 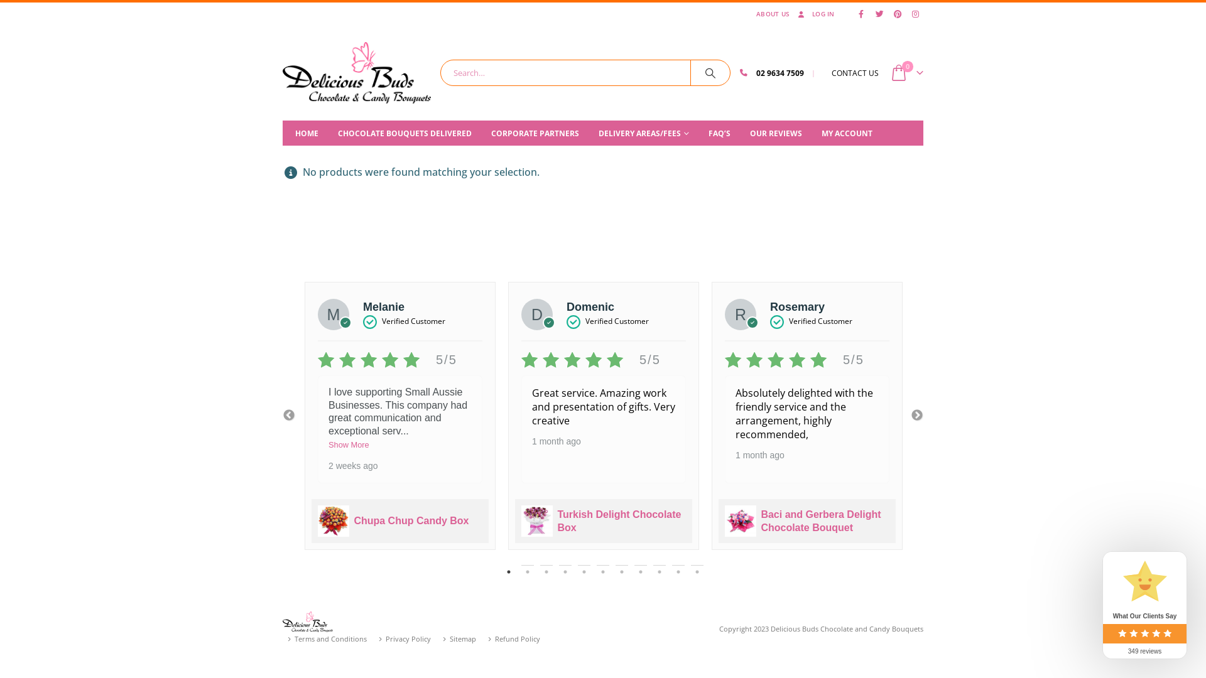 I want to click on 'Chupa Chup Candy Box', so click(x=411, y=520).